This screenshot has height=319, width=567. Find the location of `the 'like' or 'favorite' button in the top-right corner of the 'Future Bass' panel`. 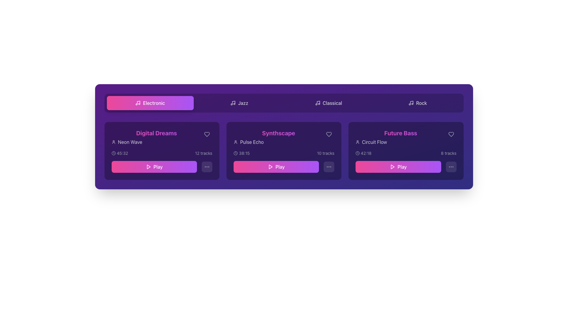

the 'like' or 'favorite' button in the top-right corner of the 'Future Bass' panel is located at coordinates (451, 134).